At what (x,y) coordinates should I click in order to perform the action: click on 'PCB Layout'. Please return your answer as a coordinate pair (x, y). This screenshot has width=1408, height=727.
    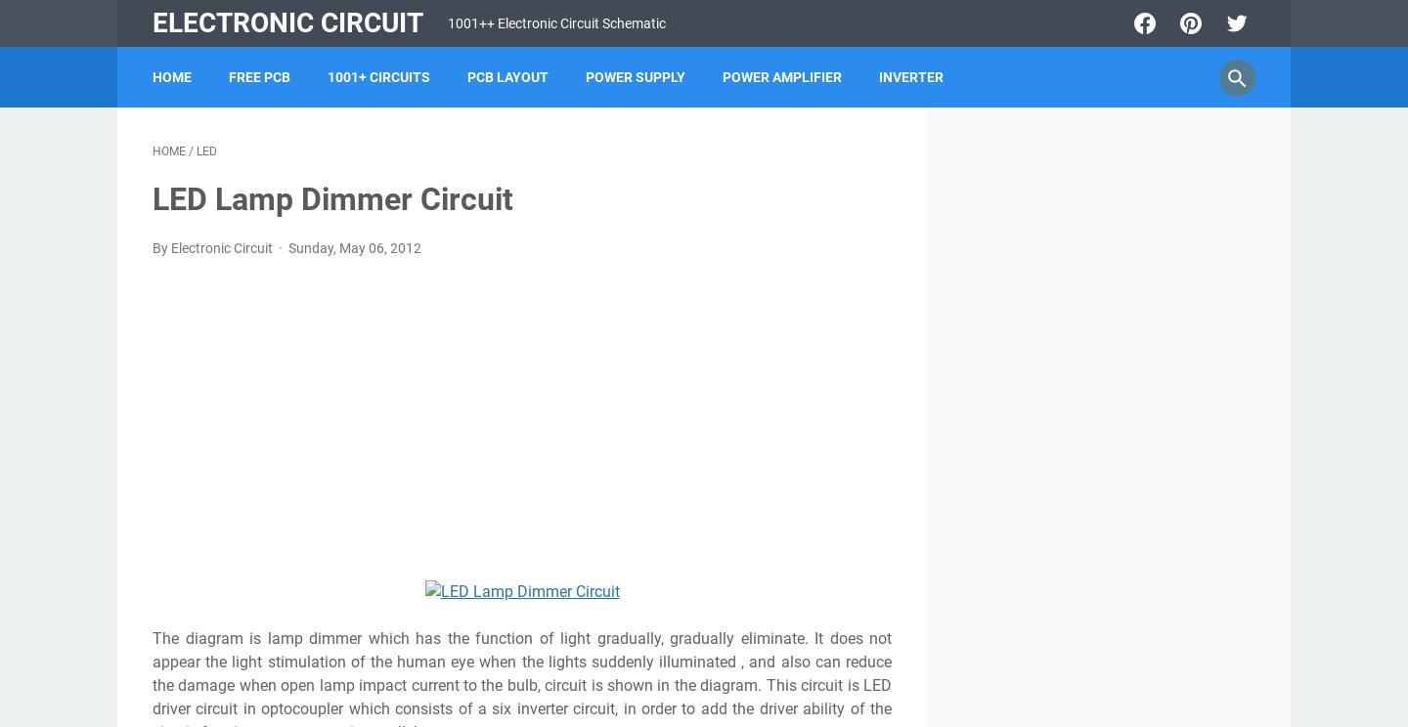
    Looking at the image, I should click on (506, 77).